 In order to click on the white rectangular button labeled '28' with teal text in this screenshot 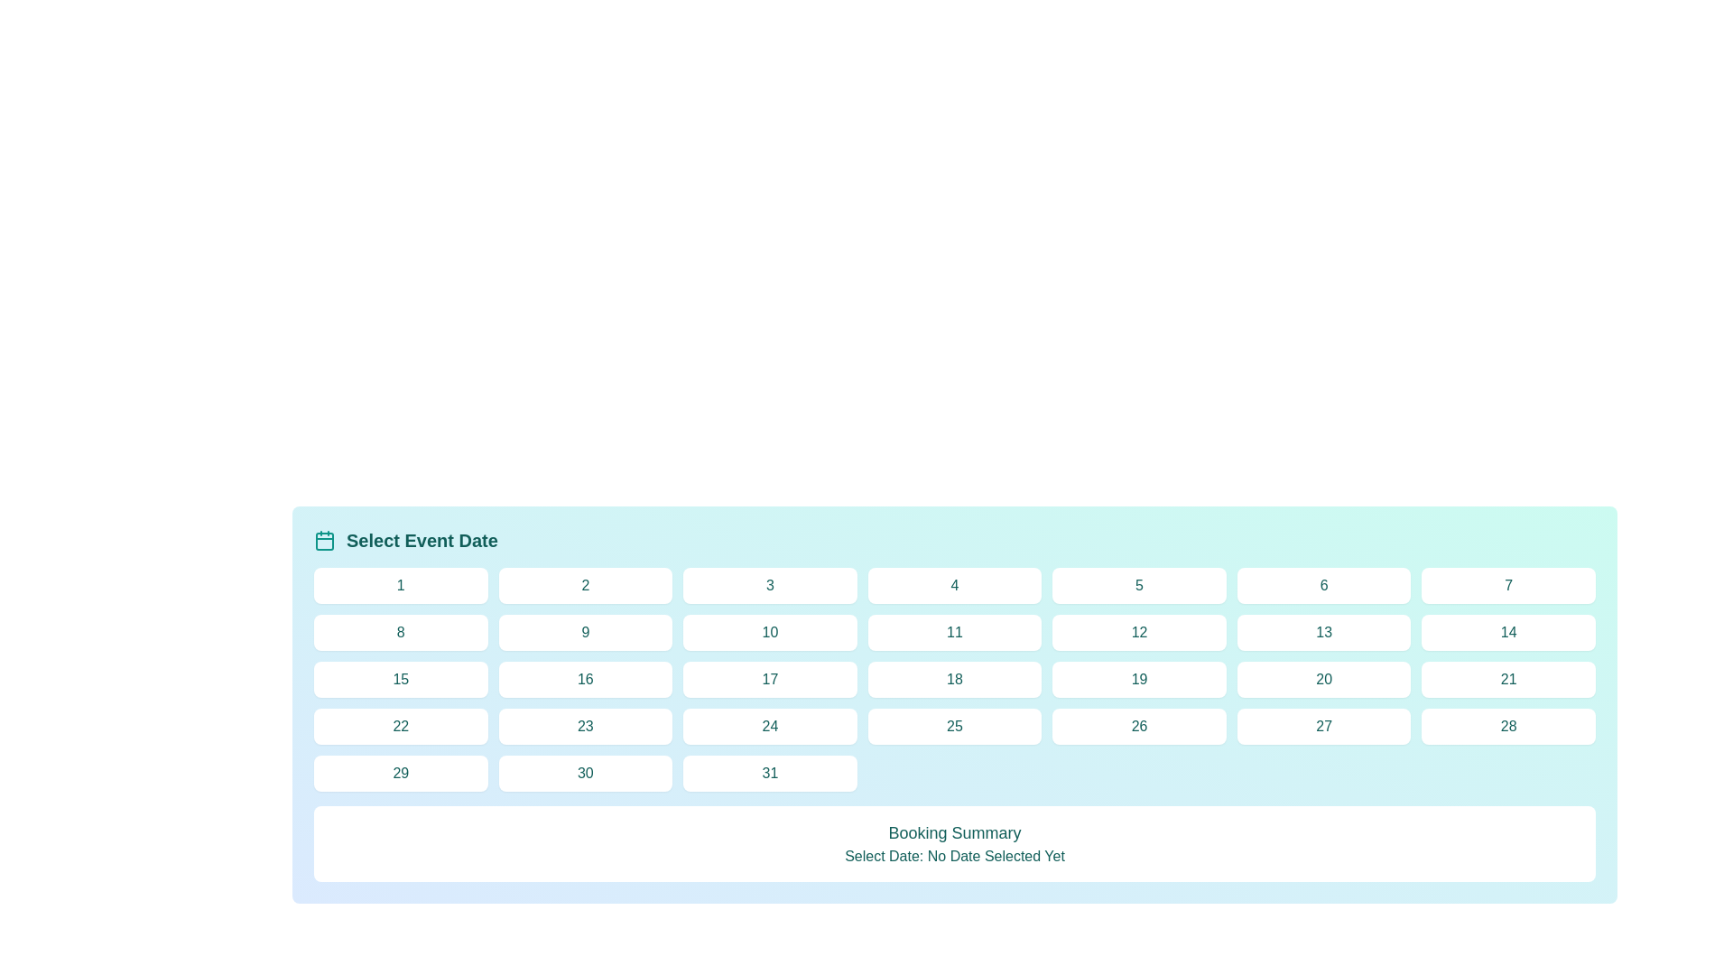, I will do `click(1508, 726)`.